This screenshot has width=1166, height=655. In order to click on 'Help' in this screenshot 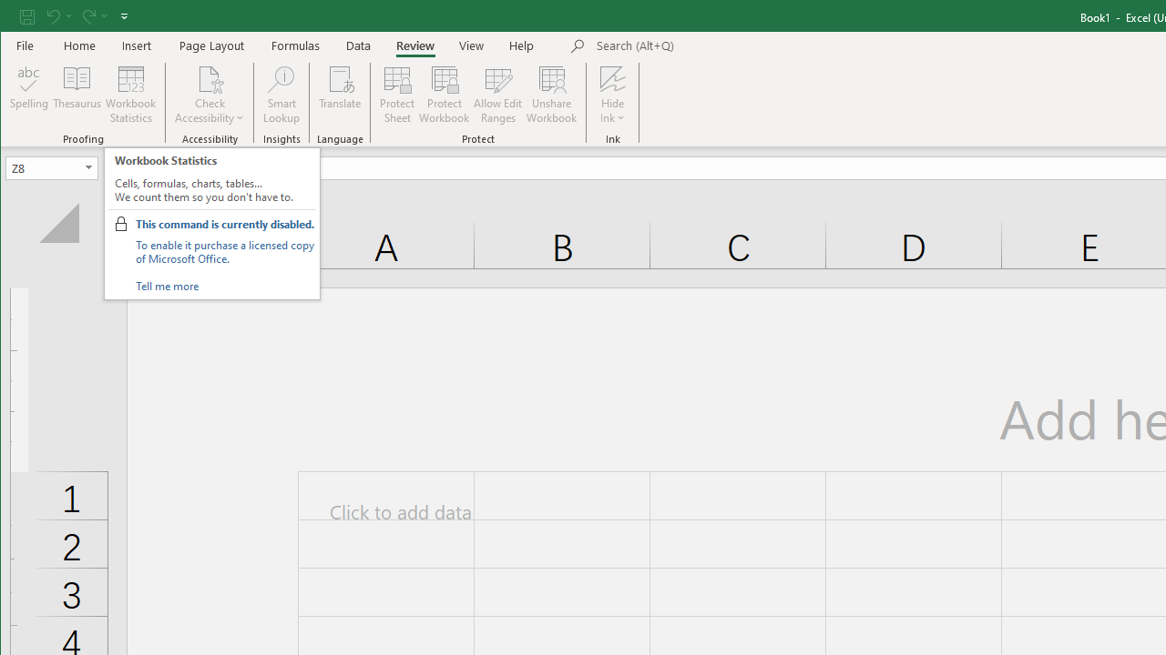, I will do `click(521, 45)`.